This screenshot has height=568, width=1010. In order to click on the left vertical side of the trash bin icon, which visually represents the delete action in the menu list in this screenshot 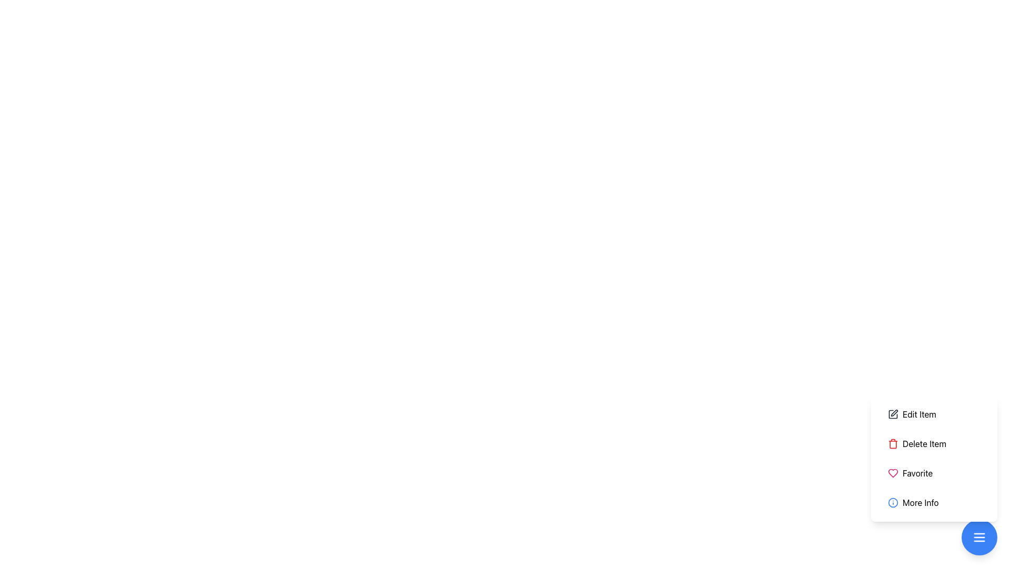, I will do `click(893, 444)`.